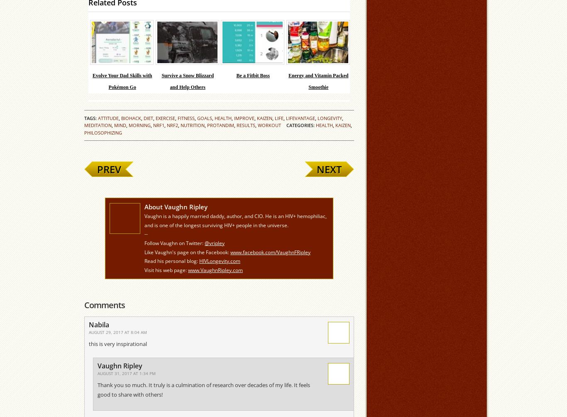  Describe the element at coordinates (131, 118) in the screenshot. I see `'biohack'` at that location.